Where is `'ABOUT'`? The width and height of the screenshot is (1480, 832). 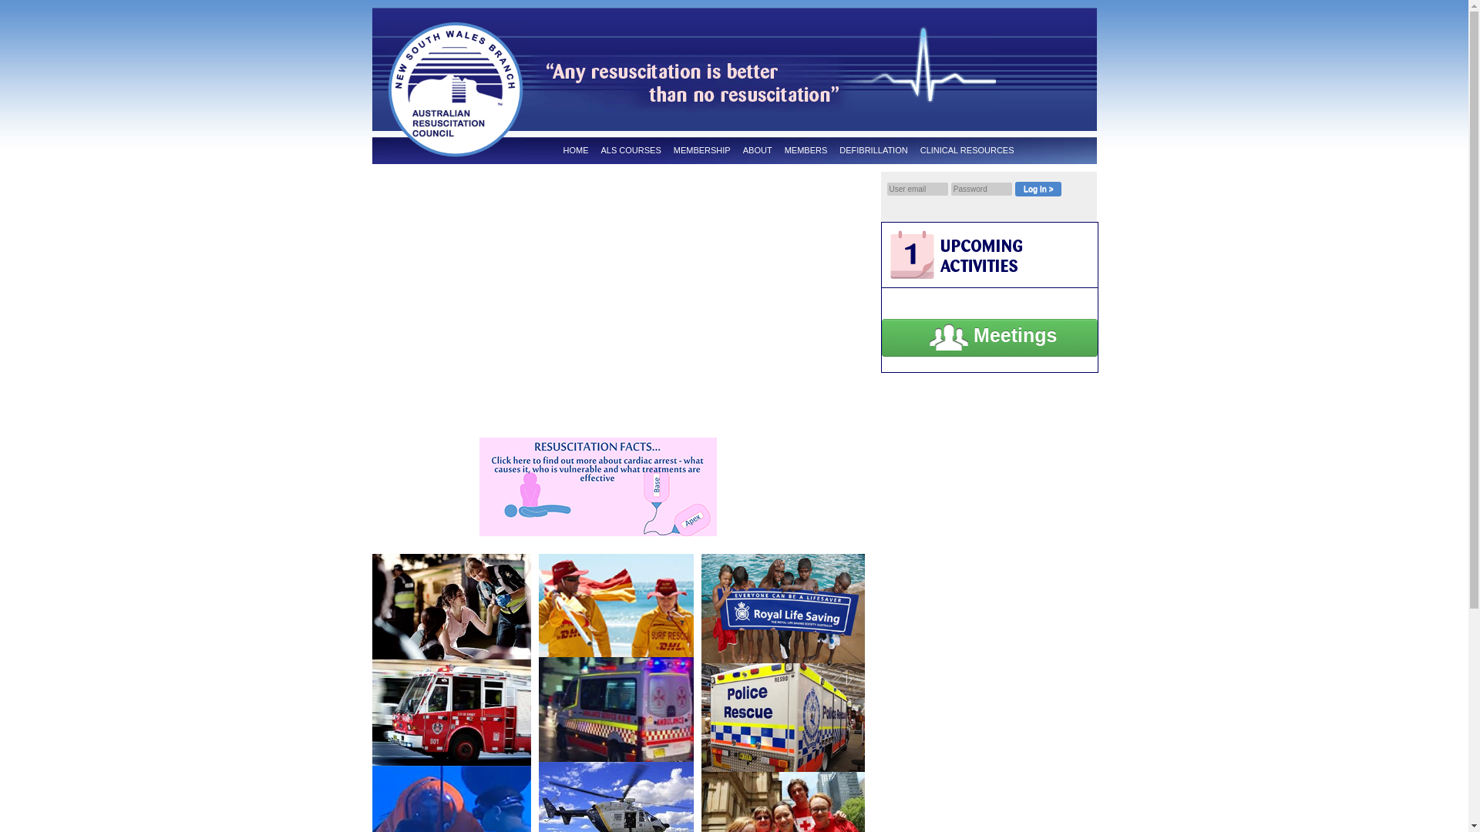 'ABOUT' is located at coordinates (758, 150).